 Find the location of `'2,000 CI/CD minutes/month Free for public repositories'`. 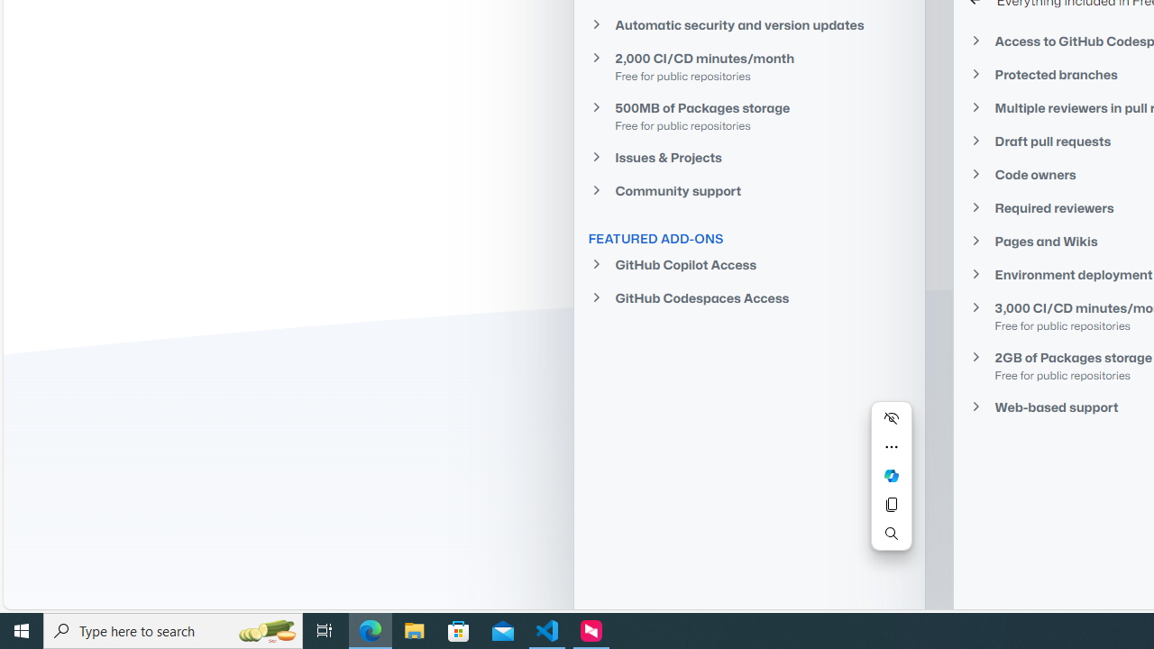

'2,000 CI/CD minutes/month Free for public repositories' is located at coordinates (748, 66).